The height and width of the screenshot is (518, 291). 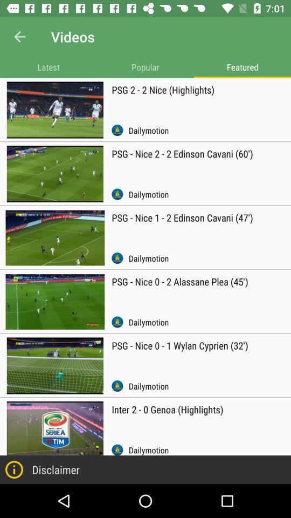 I want to click on latest icon, so click(x=48, y=66).